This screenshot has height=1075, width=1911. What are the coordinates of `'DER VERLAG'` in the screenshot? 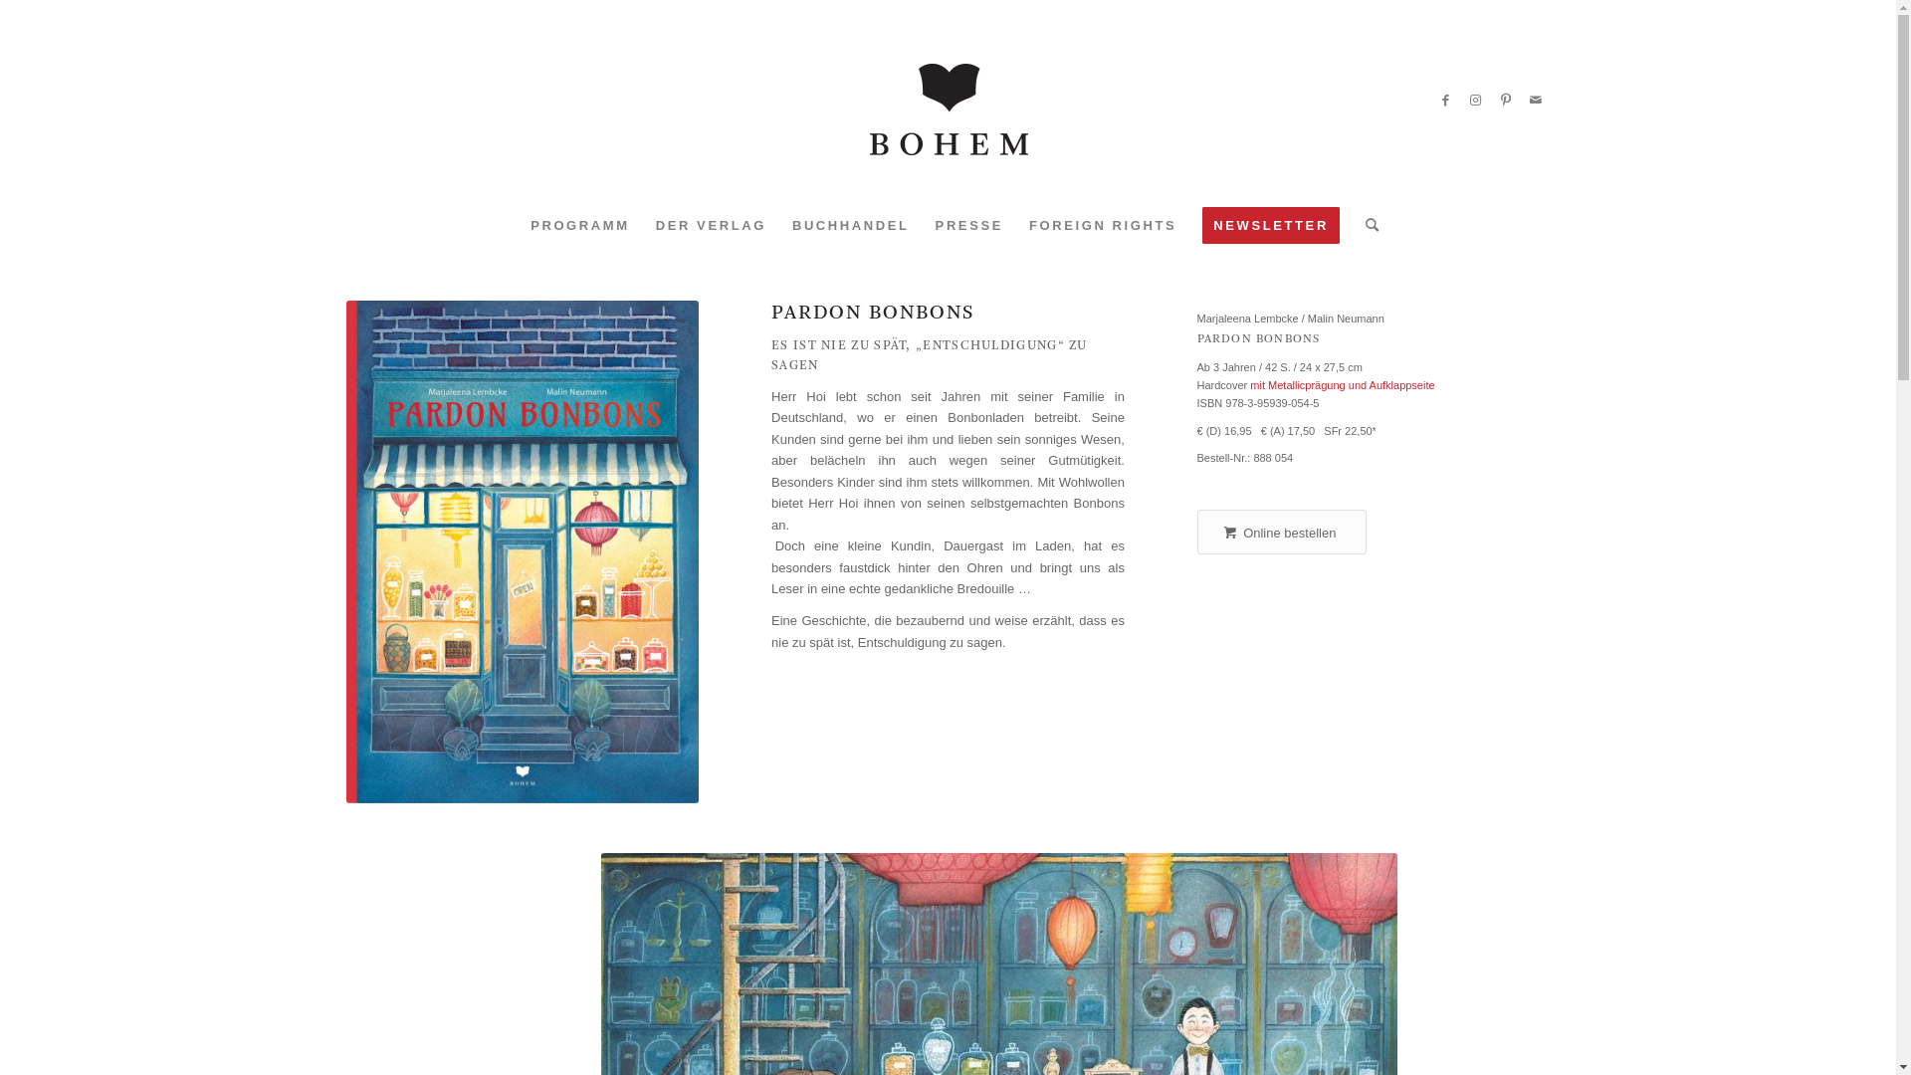 It's located at (711, 225).